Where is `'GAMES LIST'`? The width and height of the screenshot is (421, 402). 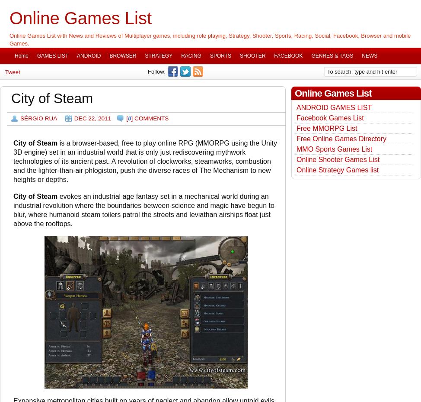 'GAMES LIST' is located at coordinates (52, 55).